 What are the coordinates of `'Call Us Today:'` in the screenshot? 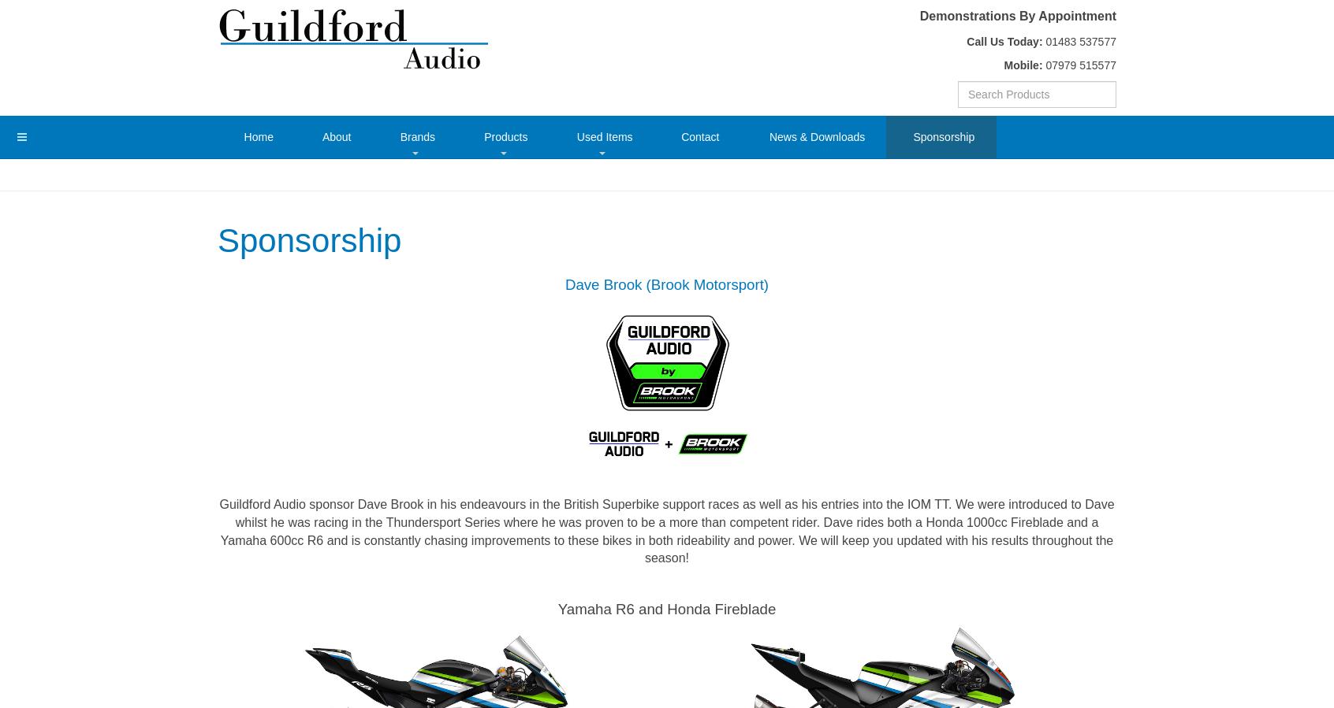 It's located at (1004, 39).